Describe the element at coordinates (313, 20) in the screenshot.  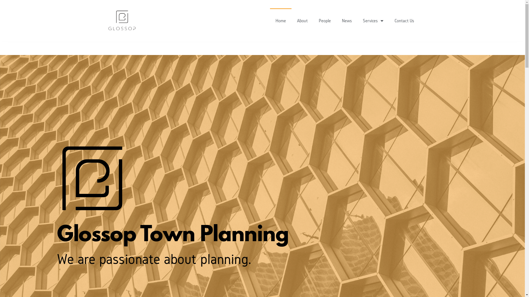
I see `'People'` at that location.